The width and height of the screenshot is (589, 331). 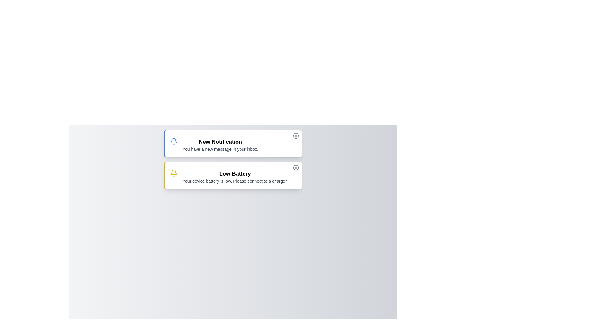 What do you see at coordinates (232, 144) in the screenshot?
I see `the center of the alert body to simulate interaction` at bounding box center [232, 144].